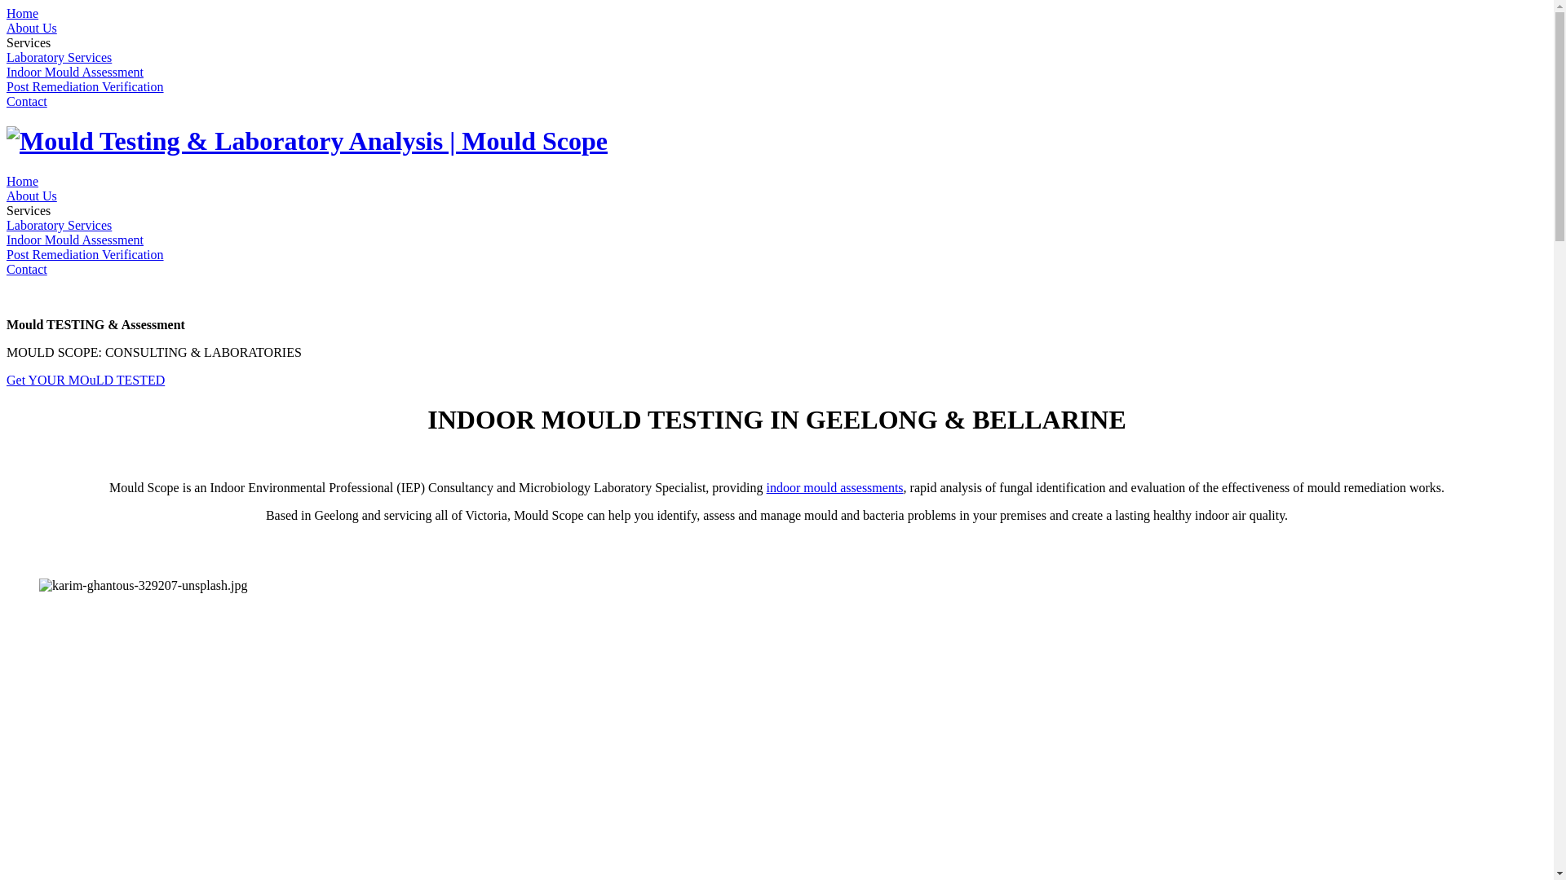 This screenshot has height=880, width=1566. What do you see at coordinates (31, 195) in the screenshot?
I see `'About Us'` at bounding box center [31, 195].